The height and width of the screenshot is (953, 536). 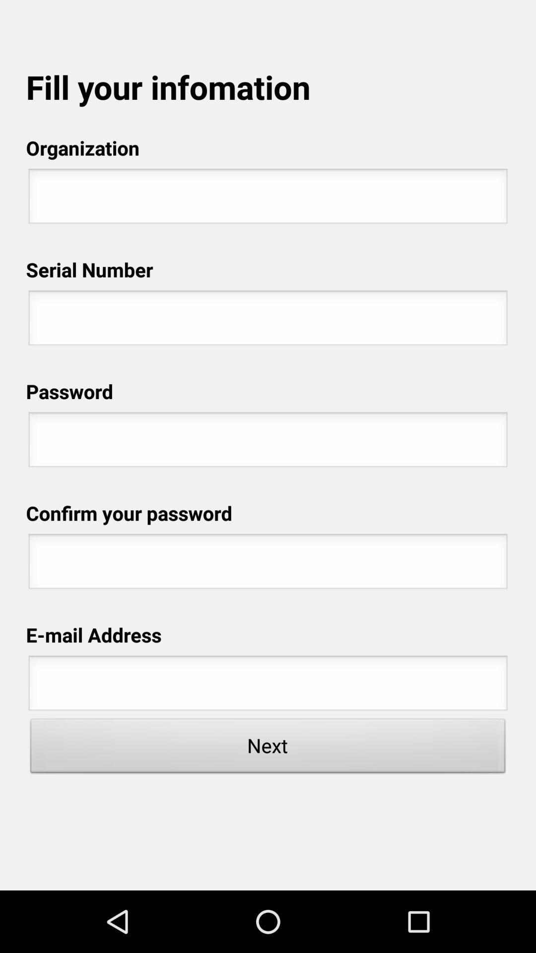 I want to click on organization, so click(x=268, y=199).